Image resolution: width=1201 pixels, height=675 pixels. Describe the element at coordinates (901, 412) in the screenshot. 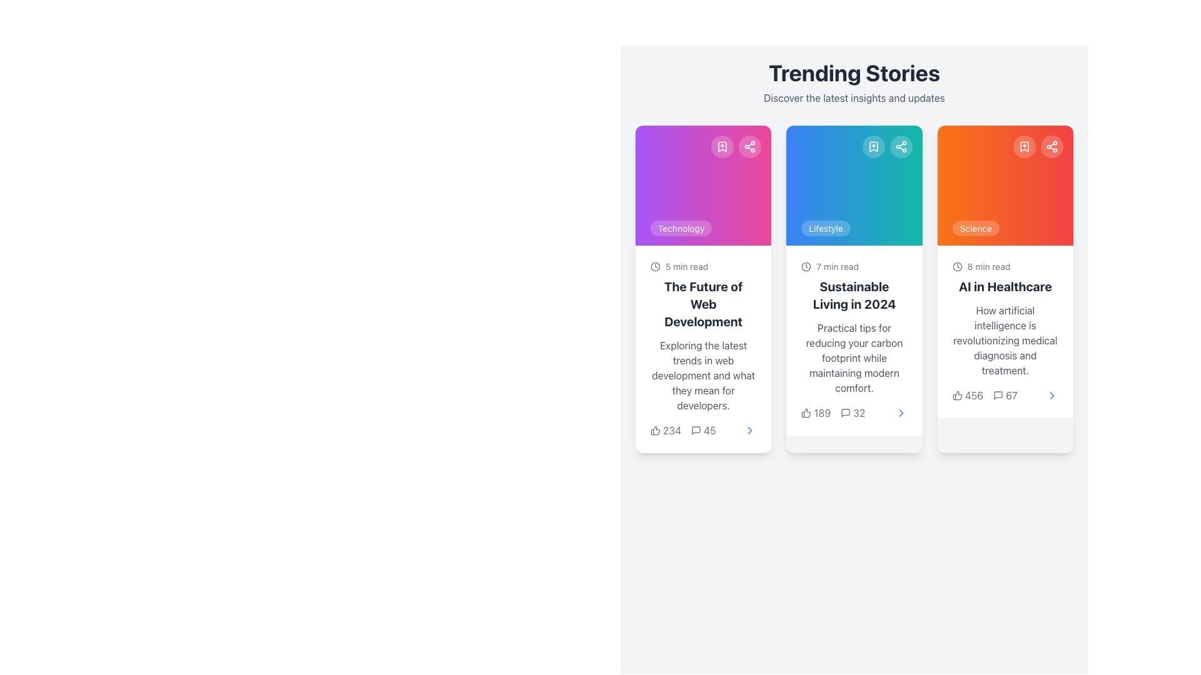

I see `the small blue chevron arrow icon located at the bottom right corner of the third card from the left` at that location.